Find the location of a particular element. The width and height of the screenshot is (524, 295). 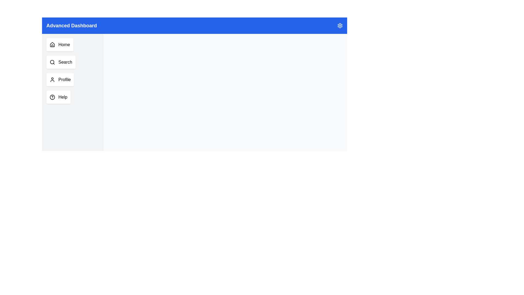

the 'Search' button, which is the second button in a vertical list of buttons (Home, Search, Profile, Help) in the sidebar of the 'Advanced Dashboard' is located at coordinates (72, 70).